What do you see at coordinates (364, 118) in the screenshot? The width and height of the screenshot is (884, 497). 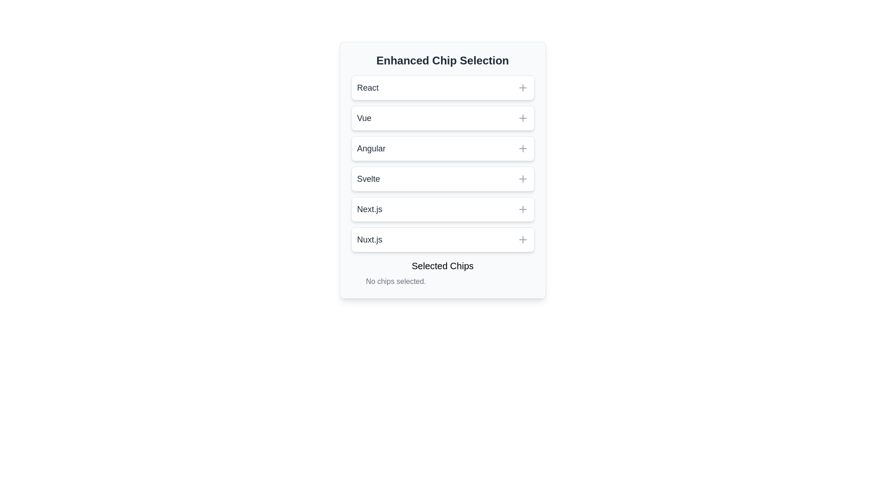 I see `the text label displaying 'Vue' located in the second row of the list, positioned below 'React' and above 'Angular'` at bounding box center [364, 118].